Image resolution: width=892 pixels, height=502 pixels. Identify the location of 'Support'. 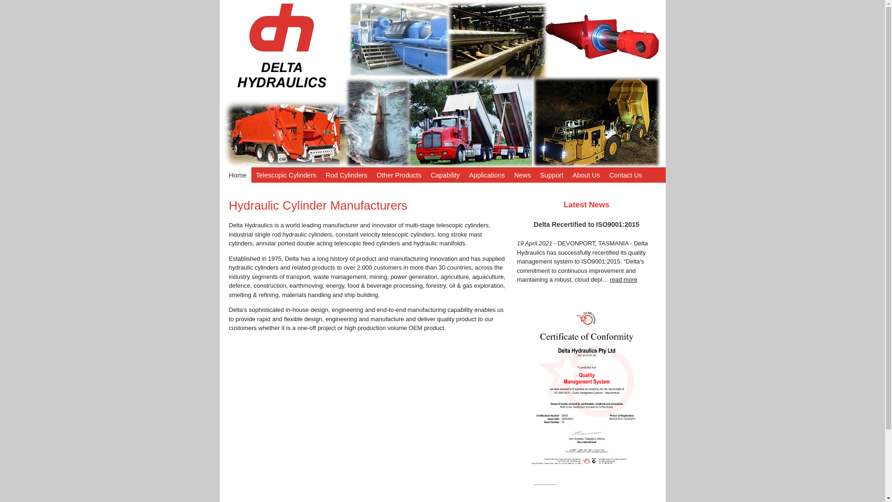
(535, 175).